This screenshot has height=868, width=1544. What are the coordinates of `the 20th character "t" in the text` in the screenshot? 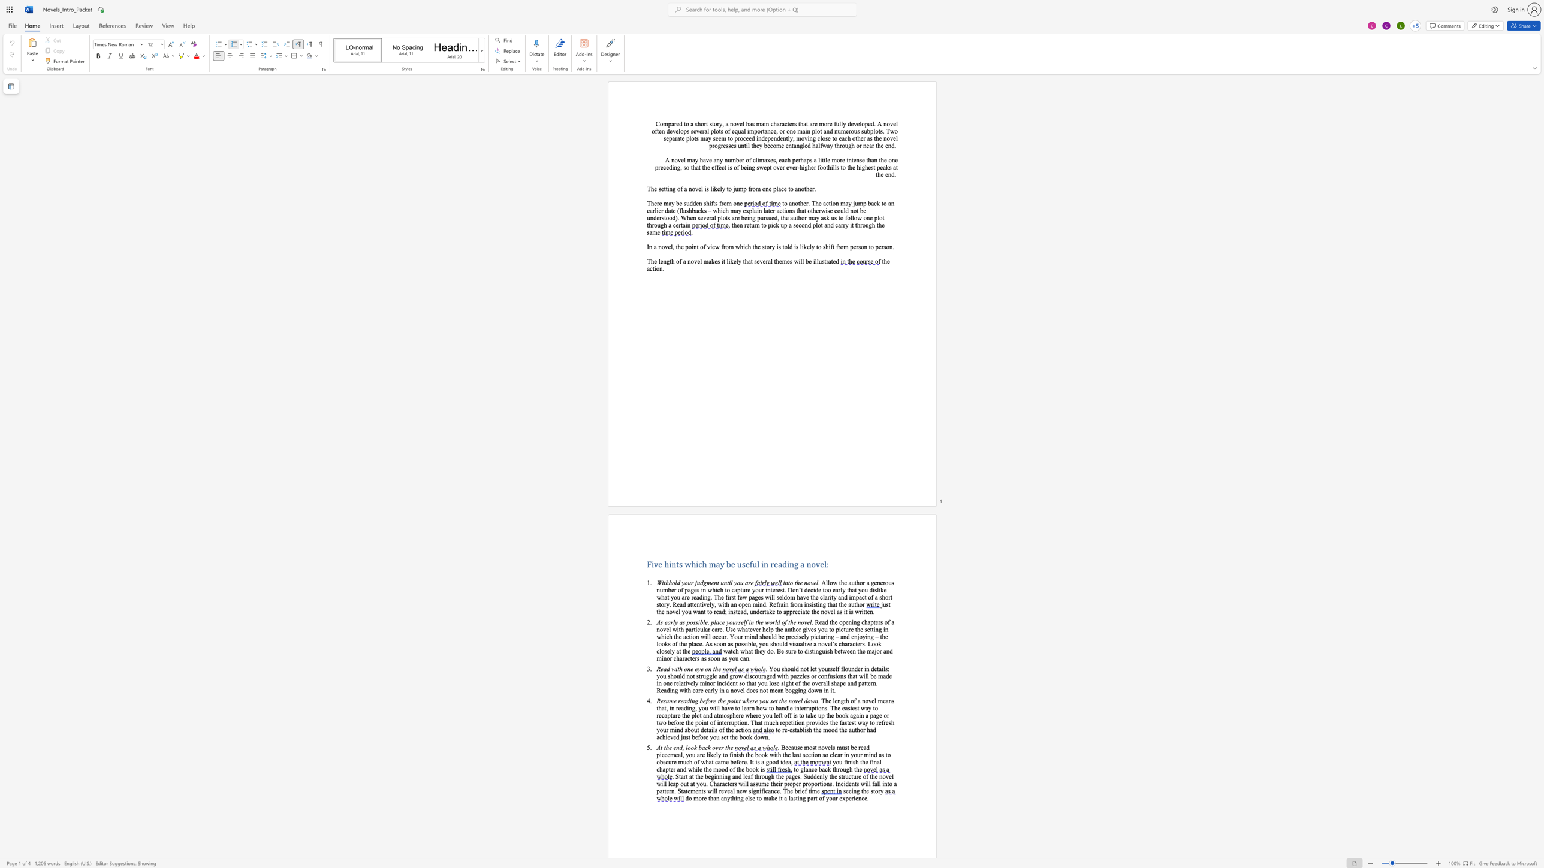 It's located at (682, 651).